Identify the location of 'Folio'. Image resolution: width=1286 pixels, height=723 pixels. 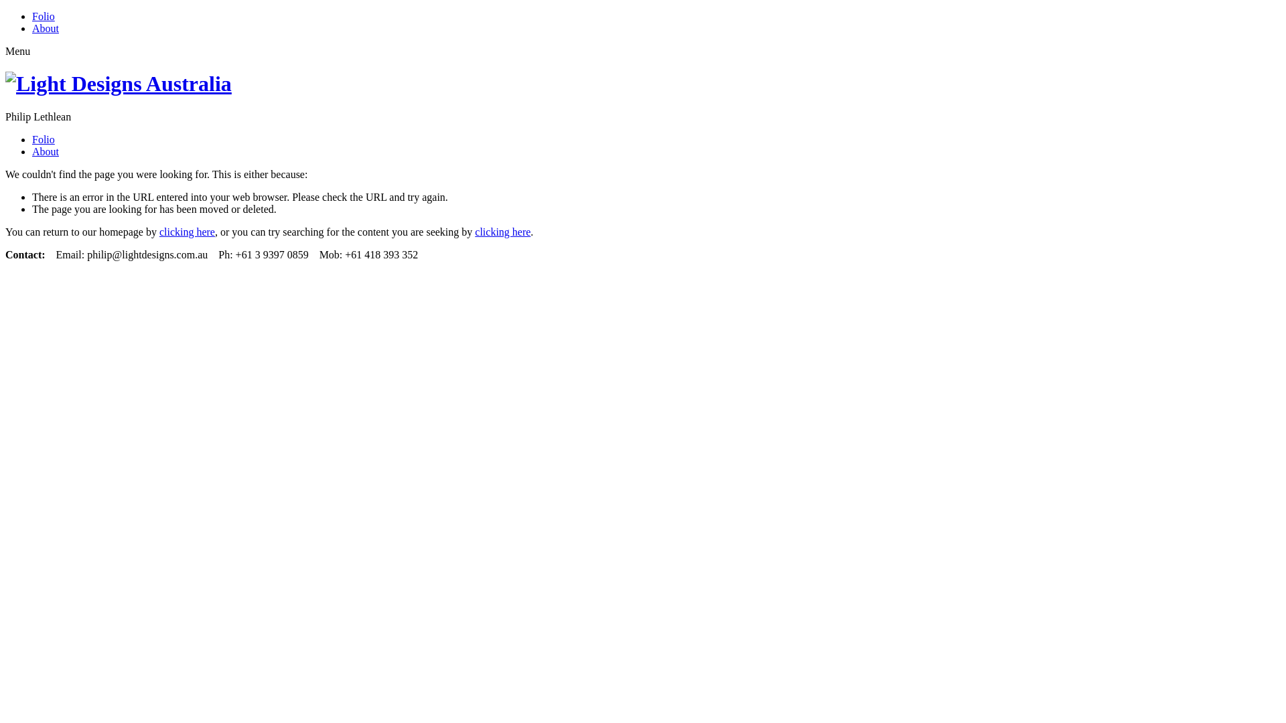
(44, 16).